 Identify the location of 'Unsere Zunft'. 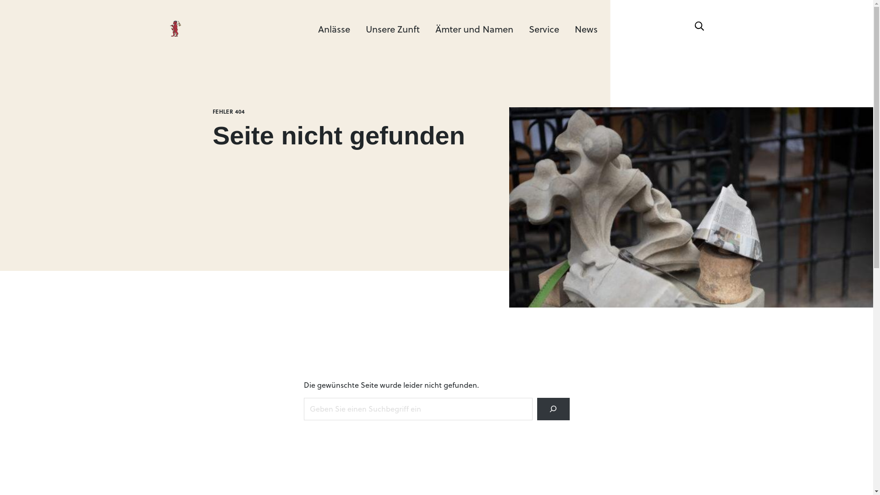
(393, 28).